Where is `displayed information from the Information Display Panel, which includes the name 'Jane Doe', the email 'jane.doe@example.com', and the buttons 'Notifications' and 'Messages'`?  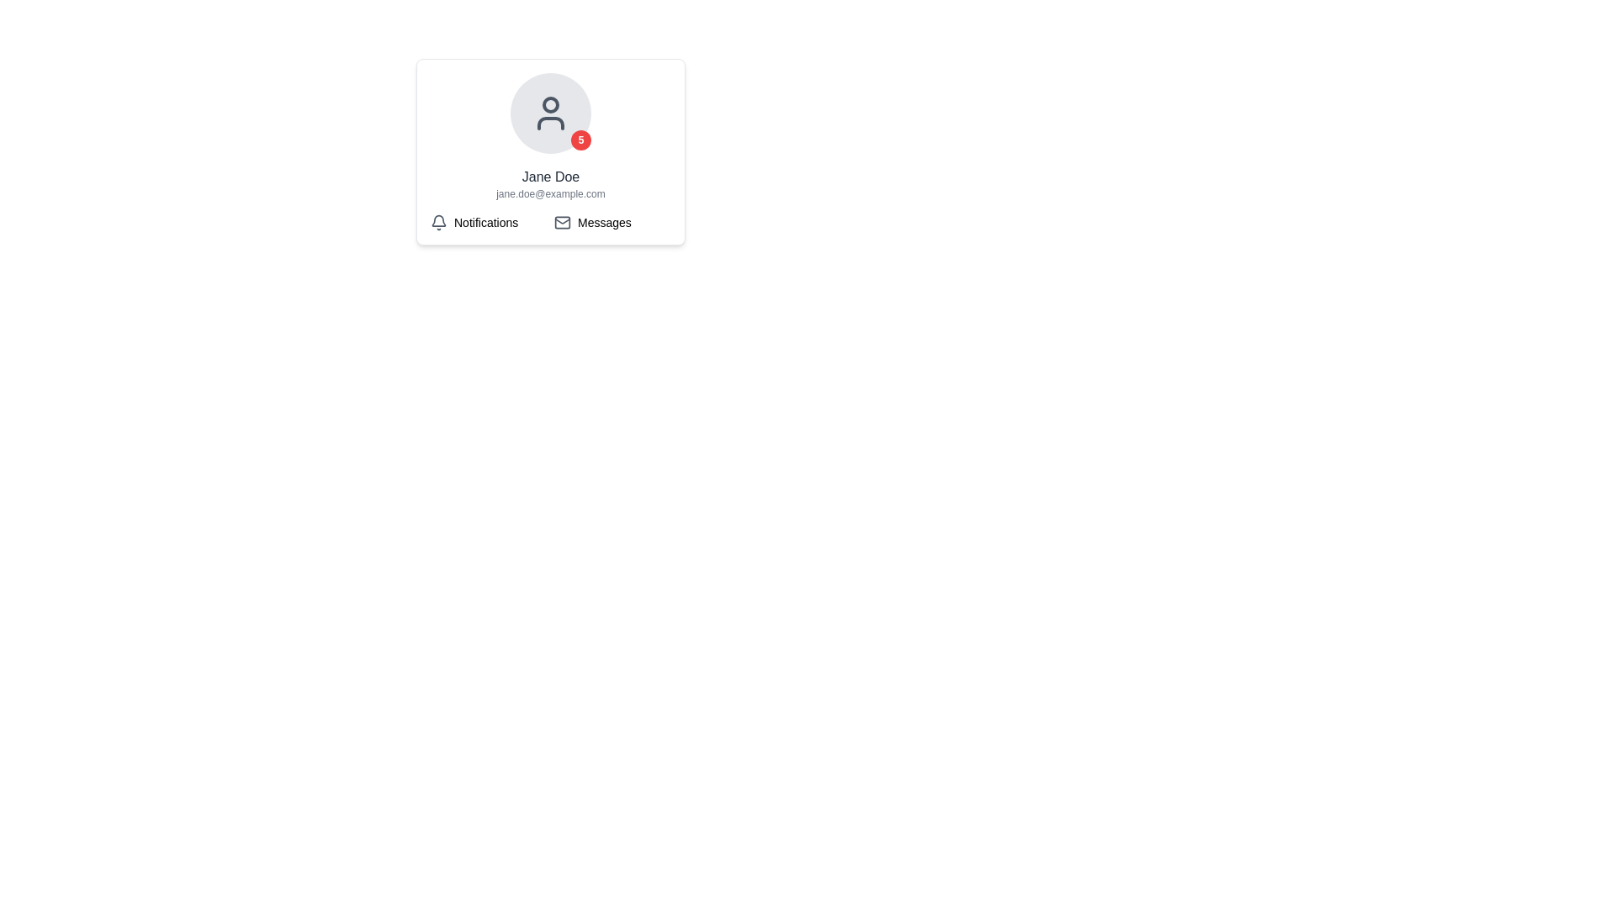
displayed information from the Information Display Panel, which includes the name 'Jane Doe', the email 'jane.doe@example.com', and the buttons 'Notifications' and 'Messages' is located at coordinates (550, 198).